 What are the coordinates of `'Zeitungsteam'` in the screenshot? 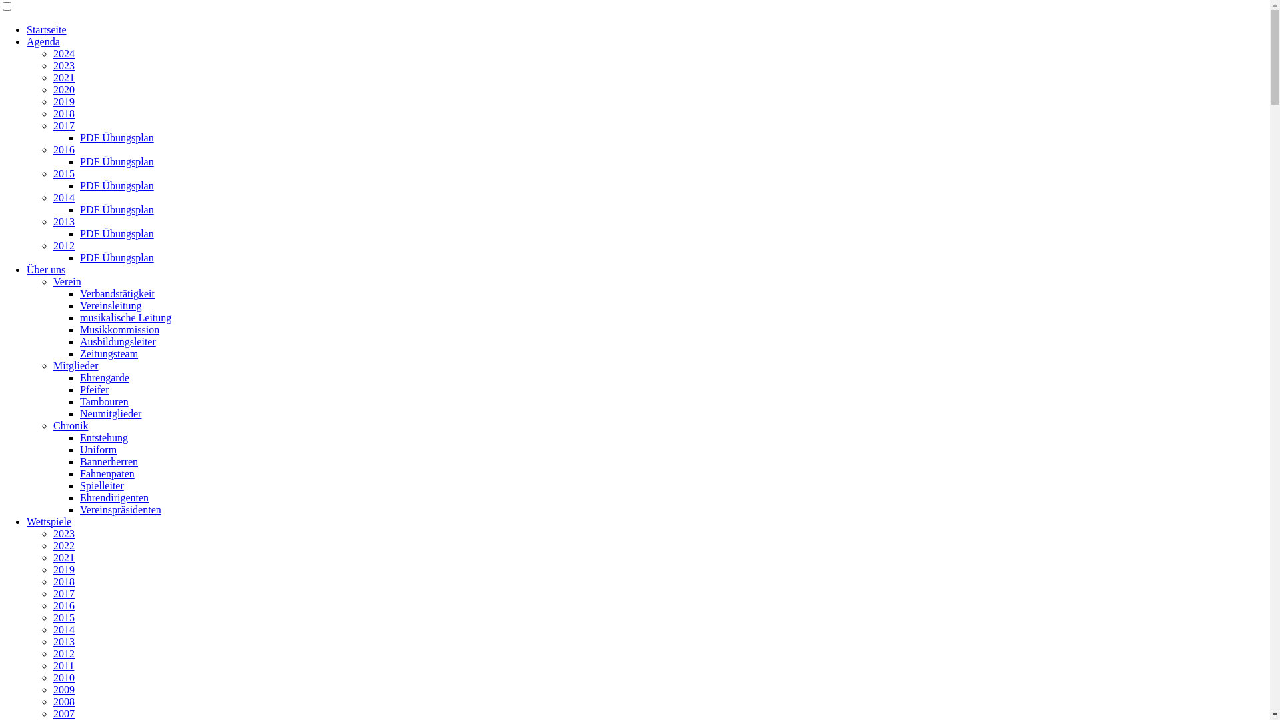 It's located at (109, 353).